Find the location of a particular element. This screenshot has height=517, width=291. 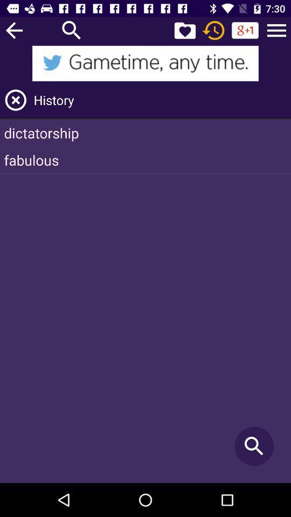

the menu icon is located at coordinates (276, 30).